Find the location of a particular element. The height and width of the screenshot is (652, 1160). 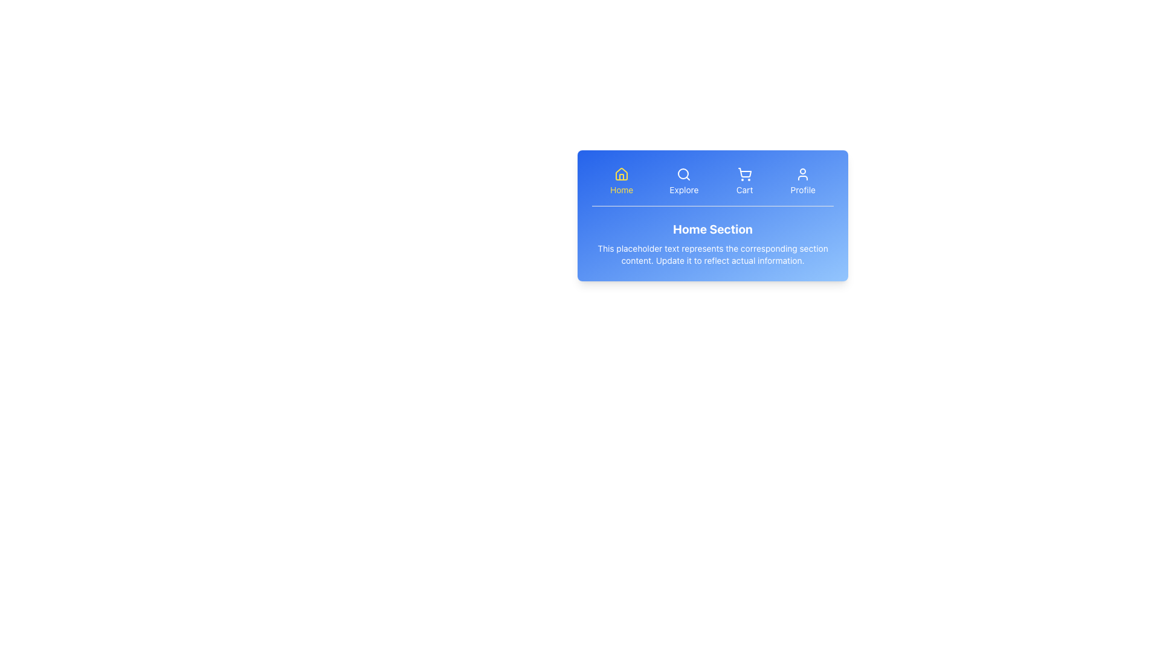

the icons or labels in the Navigation Bar located at the top of the card-like section is located at coordinates (713, 185).